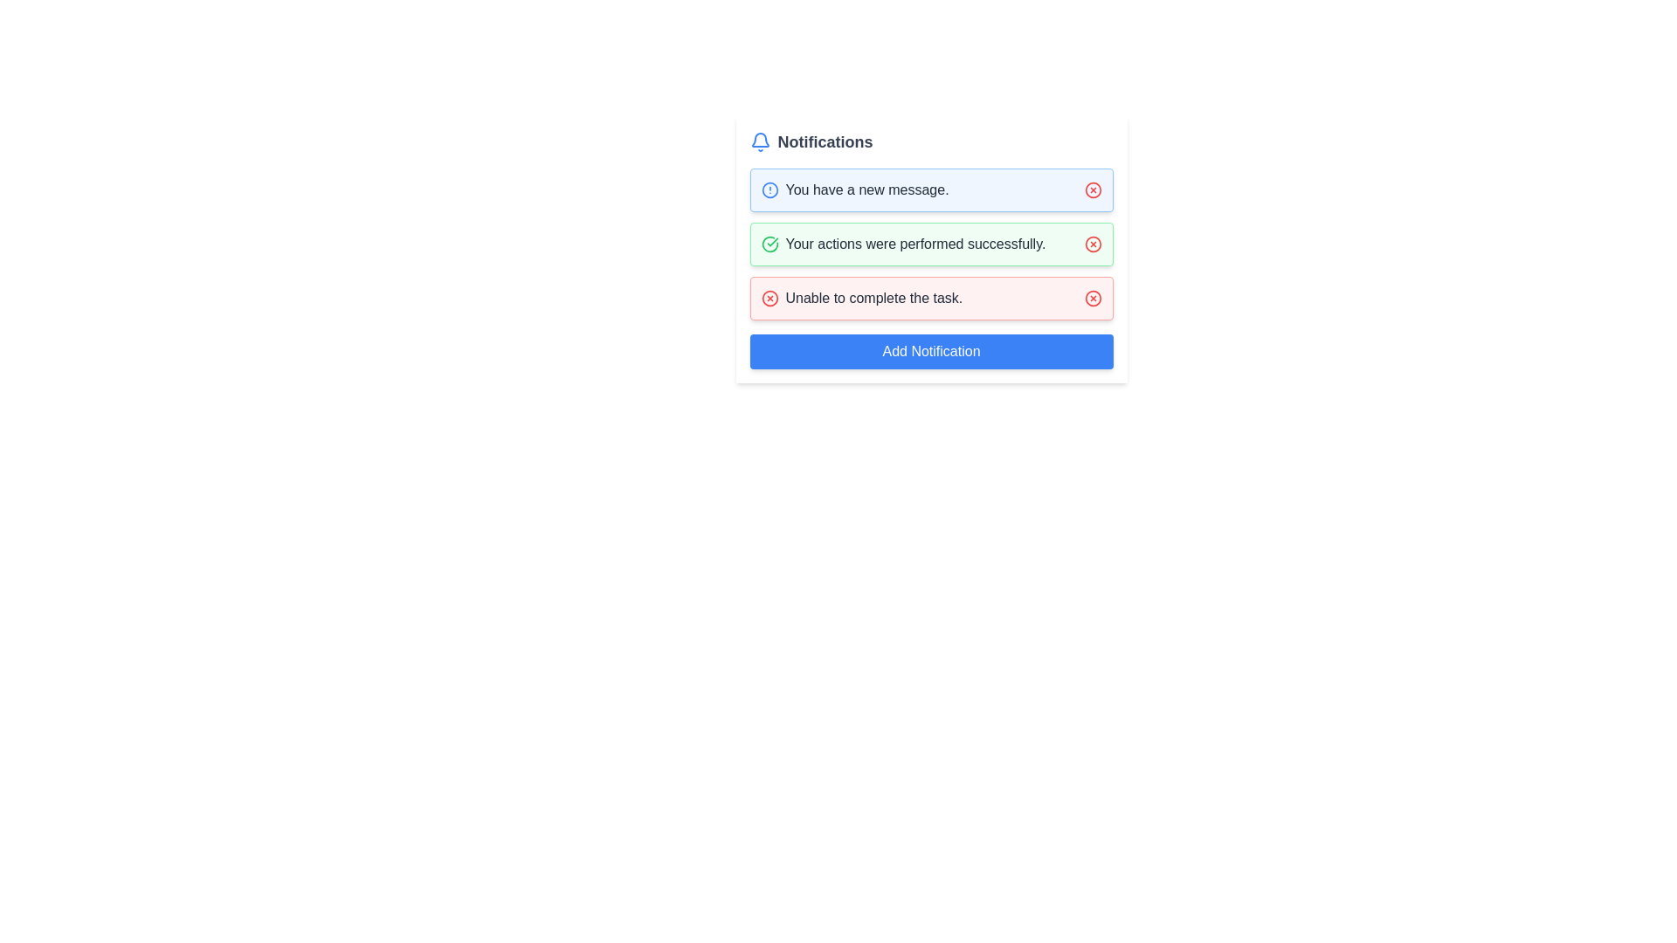 This screenshot has width=1677, height=943. What do you see at coordinates (1092, 190) in the screenshot?
I see `the circular red close button with a white 'X' inside` at bounding box center [1092, 190].